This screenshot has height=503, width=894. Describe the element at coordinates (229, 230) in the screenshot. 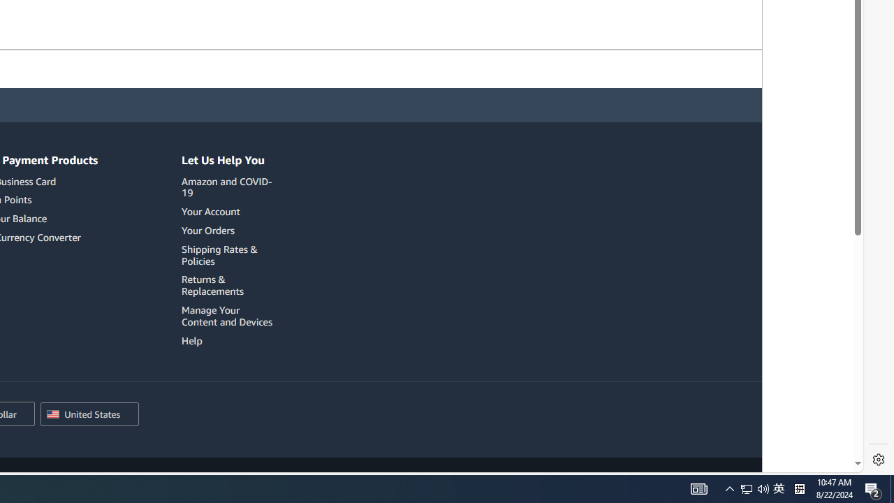

I see `'Your Orders'` at that location.